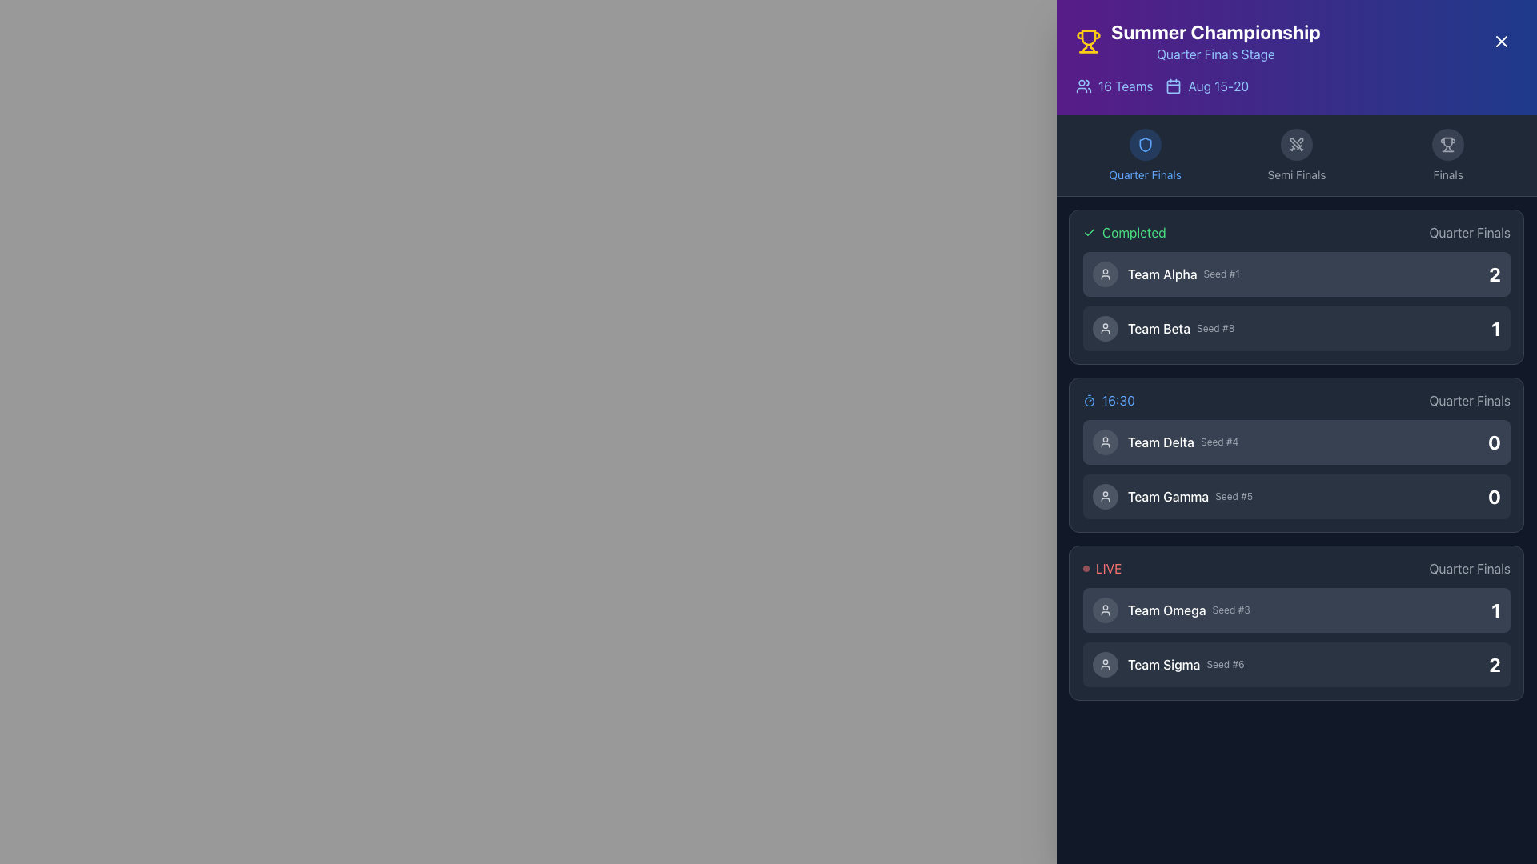  What do you see at coordinates (1166, 442) in the screenshot?
I see `the TextLabelWithIcon displaying the first team's name and seed number in the 'Quarter Finals' section under the match at '16:30'` at bounding box center [1166, 442].